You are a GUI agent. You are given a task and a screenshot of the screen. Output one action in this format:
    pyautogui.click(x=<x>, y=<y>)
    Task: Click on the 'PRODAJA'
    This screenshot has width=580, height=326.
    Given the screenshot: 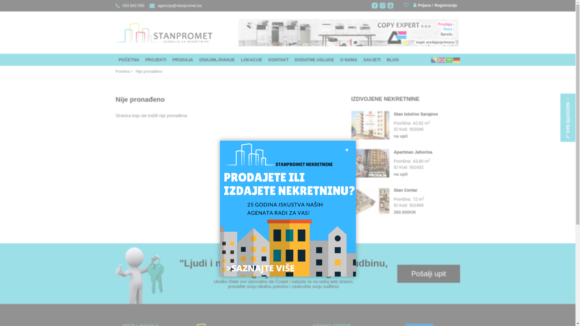 What is the action you would take?
    pyautogui.click(x=182, y=59)
    